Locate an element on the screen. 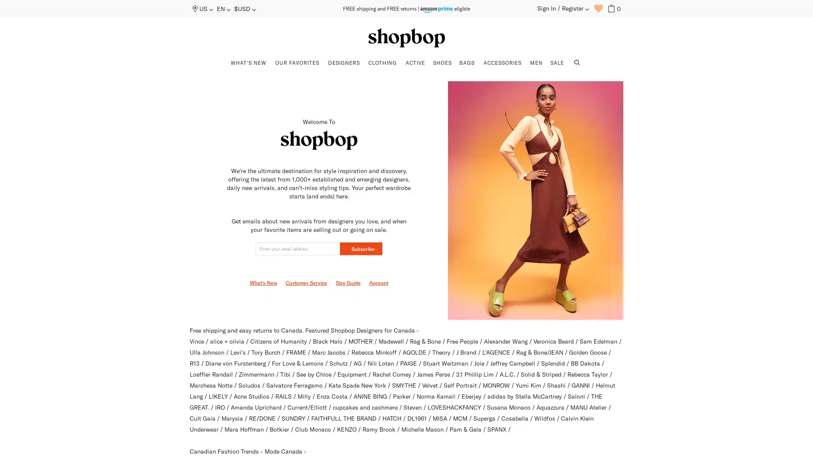  Search. is located at coordinates (577, 63).